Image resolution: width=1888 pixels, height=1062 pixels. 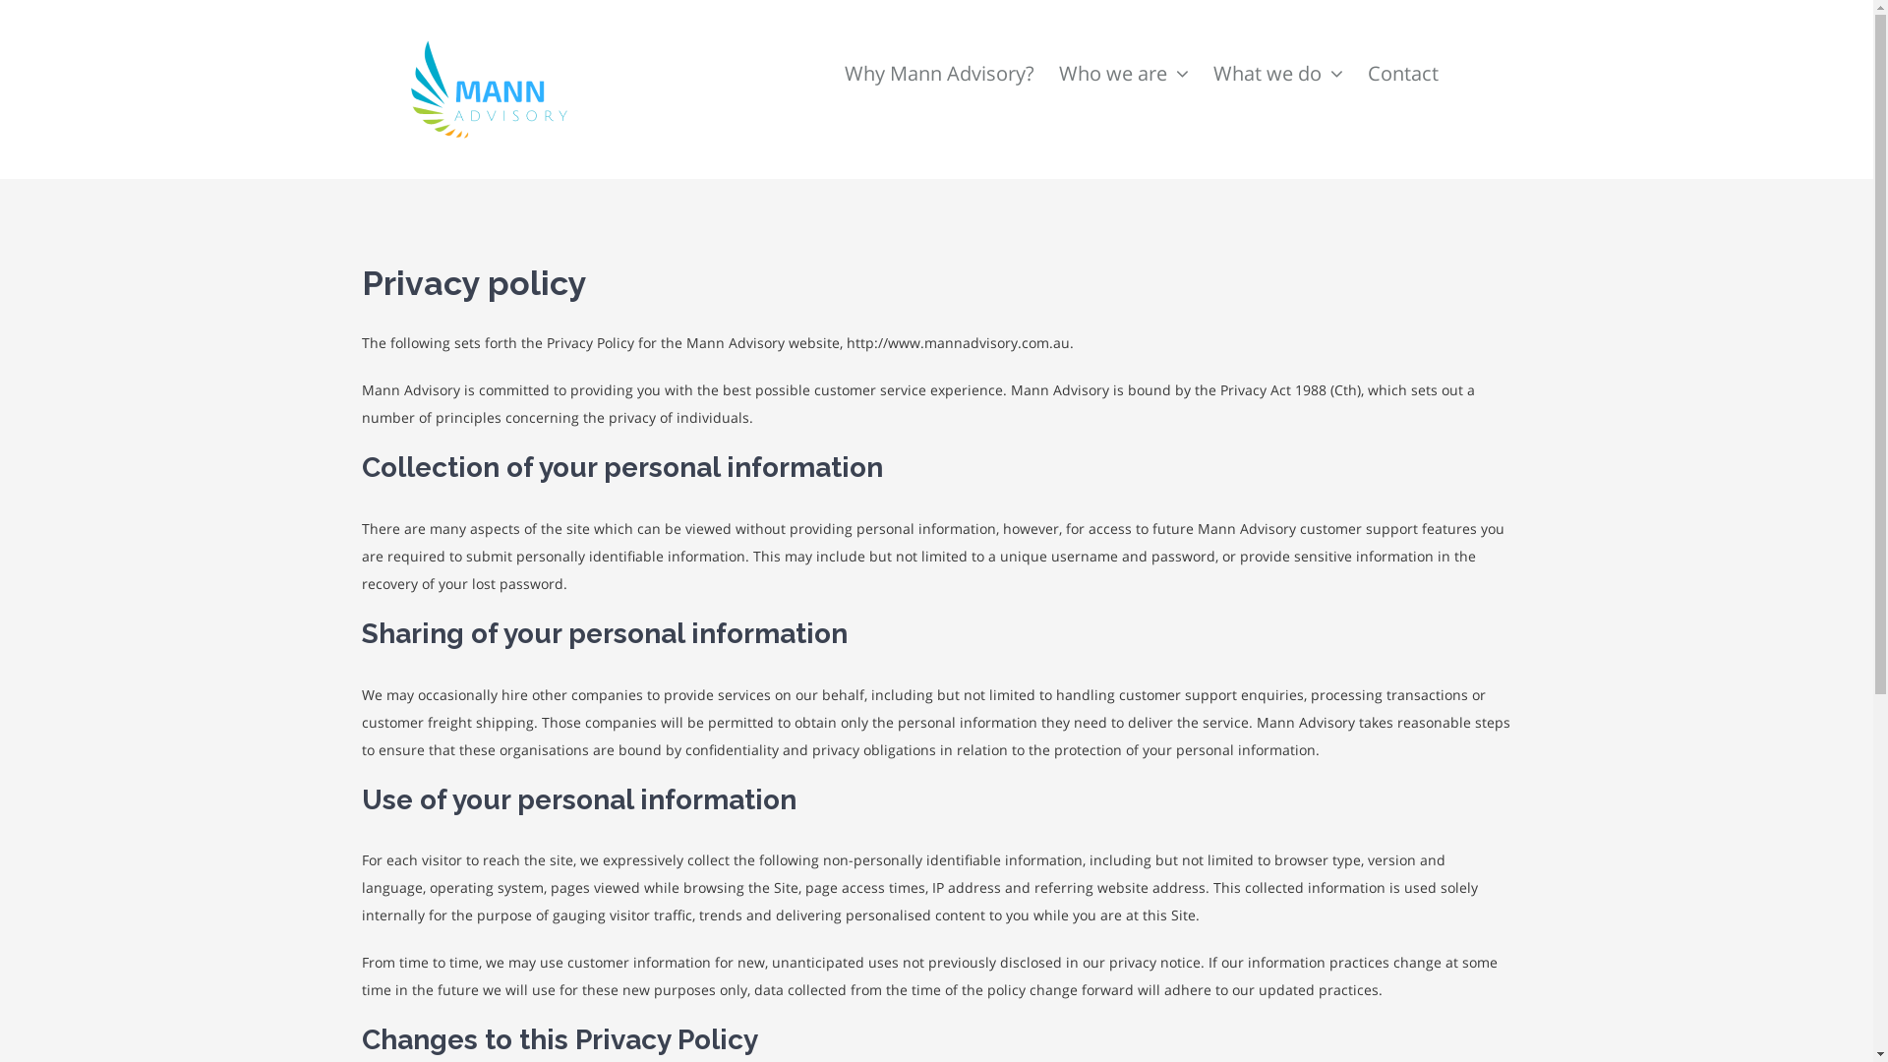 What do you see at coordinates (937, 48) in the screenshot?
I see `'Why Mann Advisory?'` at bounding box center [937, 48].